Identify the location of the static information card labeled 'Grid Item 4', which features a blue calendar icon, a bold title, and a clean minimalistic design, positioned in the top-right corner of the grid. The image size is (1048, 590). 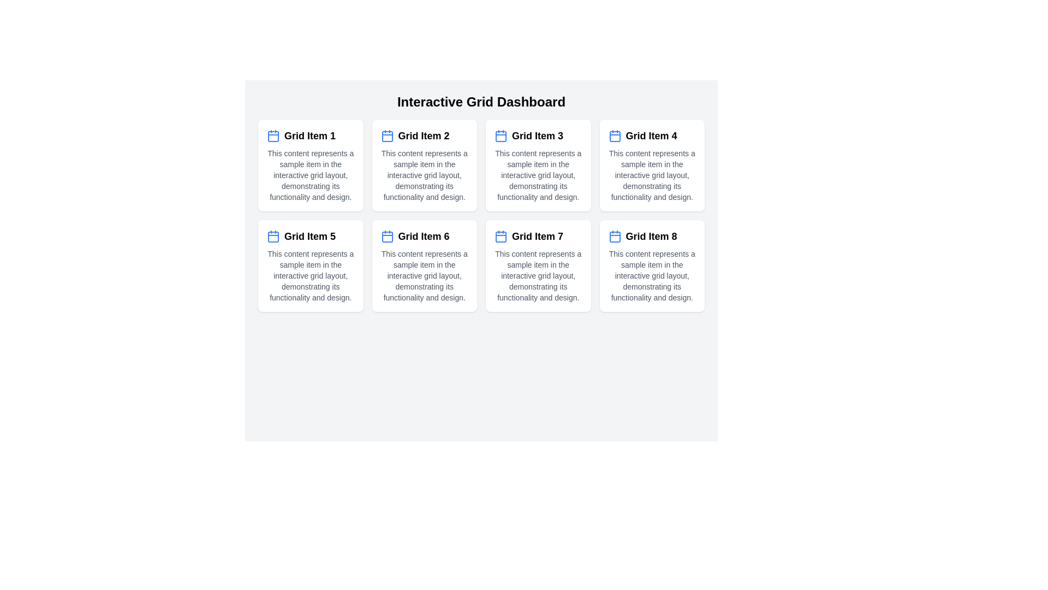
(652, 166).